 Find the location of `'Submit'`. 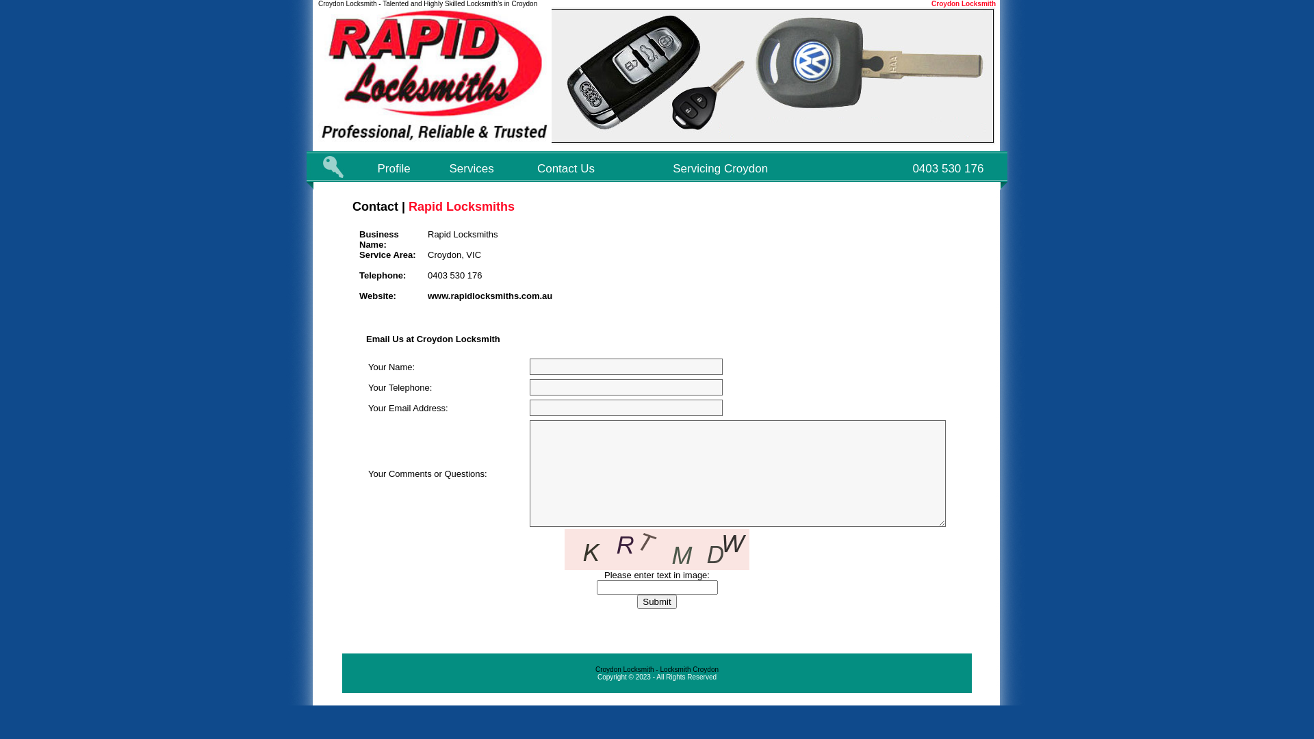

'Submit' is located at coordinates (656, 601).